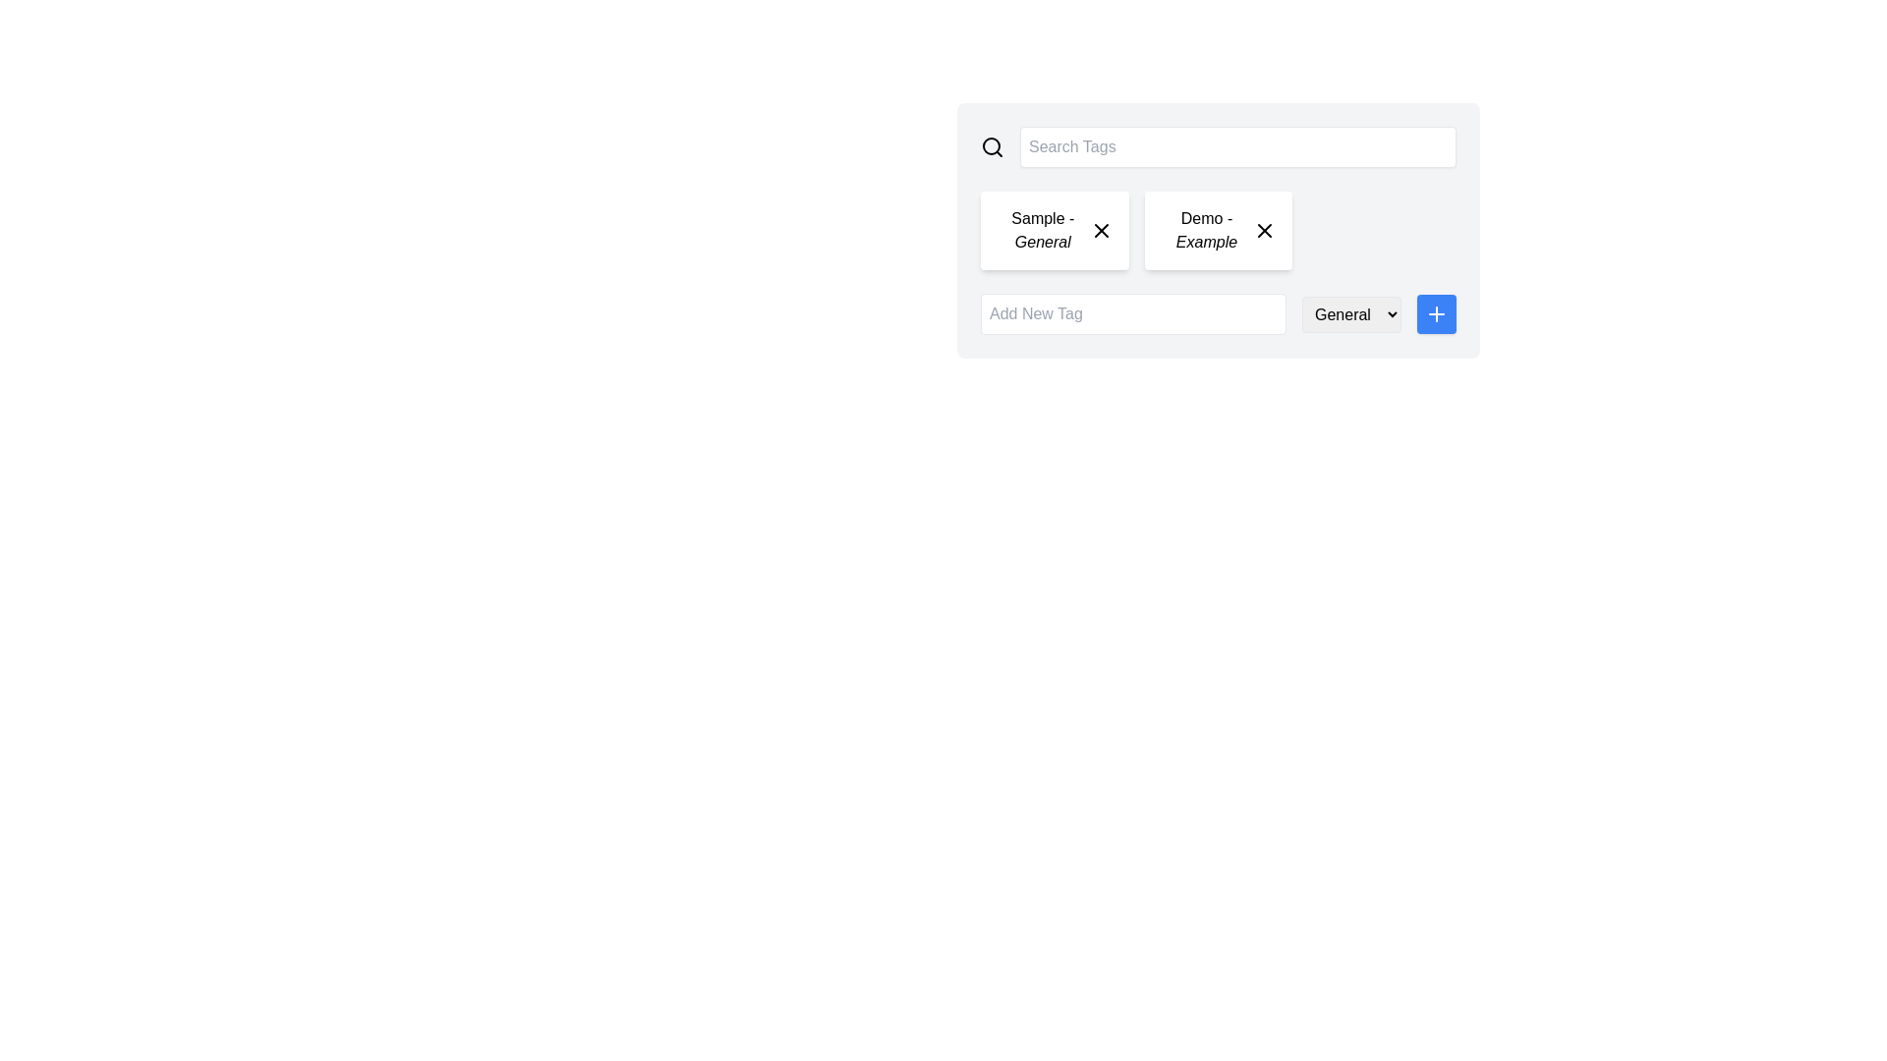  I want to click on static text label 'Demo - Example' located in the bottom half of the card, distinctly showing the text 'Example', so click(1206, 241).